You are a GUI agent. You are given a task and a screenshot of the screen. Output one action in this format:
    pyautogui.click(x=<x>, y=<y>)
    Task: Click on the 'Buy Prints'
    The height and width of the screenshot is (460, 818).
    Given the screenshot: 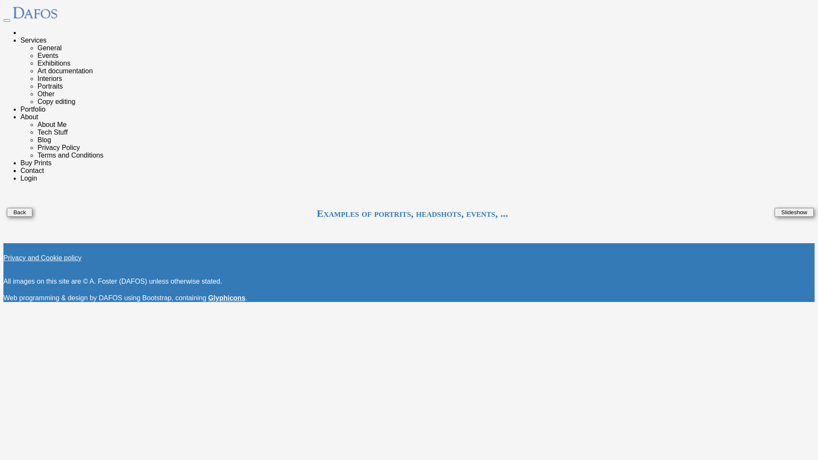 What is the action you would take?
    pyautogui.click(x=20, y=163)
    